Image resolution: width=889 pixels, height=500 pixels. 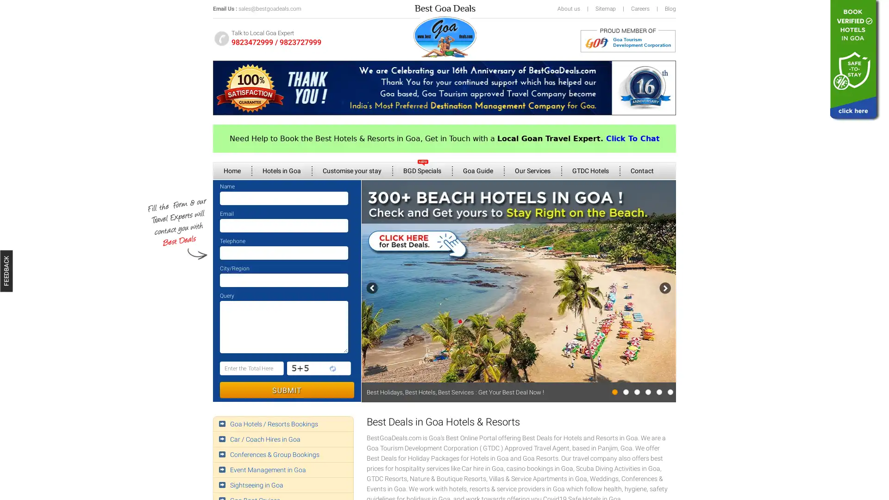 I want to click on SUBMIT, so click(x=286, y=390).